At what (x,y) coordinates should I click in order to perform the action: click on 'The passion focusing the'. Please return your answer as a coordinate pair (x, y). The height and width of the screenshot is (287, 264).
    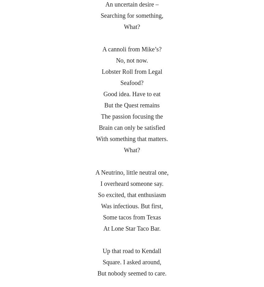
    Looking at the image, I should click on (132, 116).